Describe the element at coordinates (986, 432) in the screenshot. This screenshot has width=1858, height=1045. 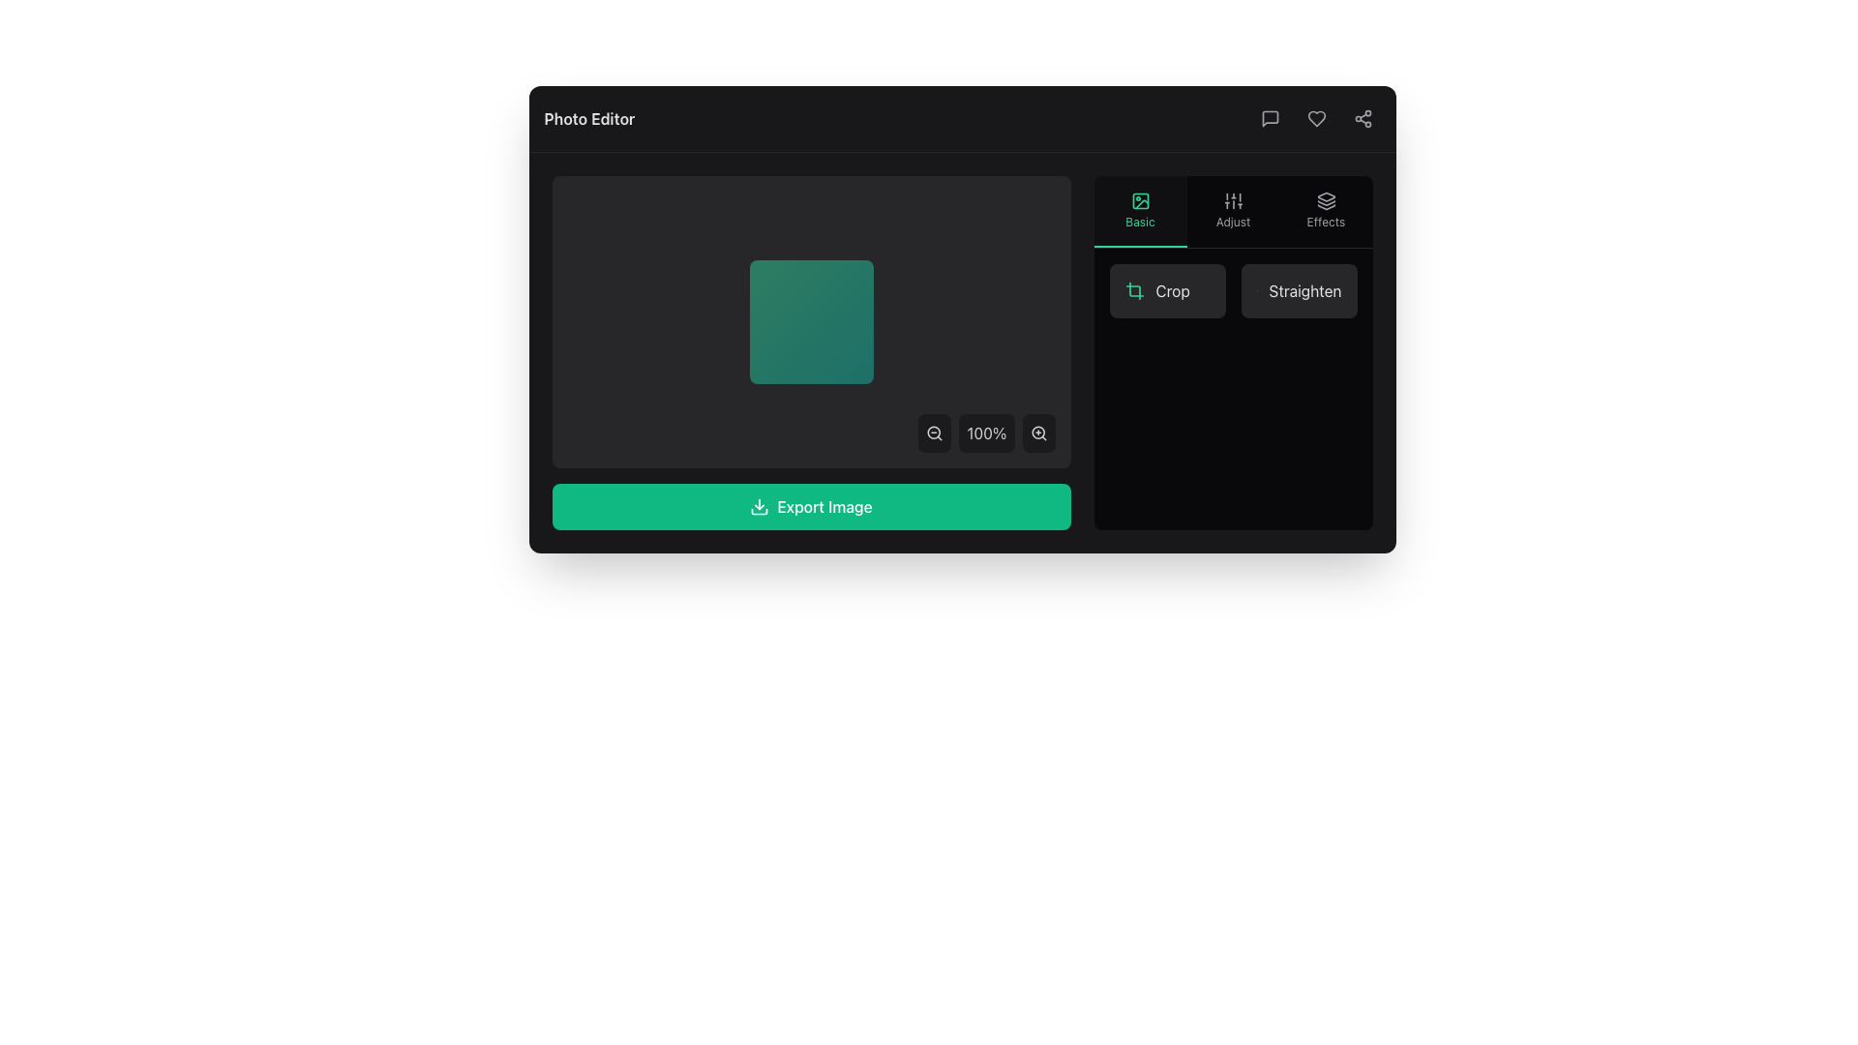
I see `displayed zoom percentage from the Label in the bottom-right corner of the application, which shows the current zoom level between the zoom controls` at that location.